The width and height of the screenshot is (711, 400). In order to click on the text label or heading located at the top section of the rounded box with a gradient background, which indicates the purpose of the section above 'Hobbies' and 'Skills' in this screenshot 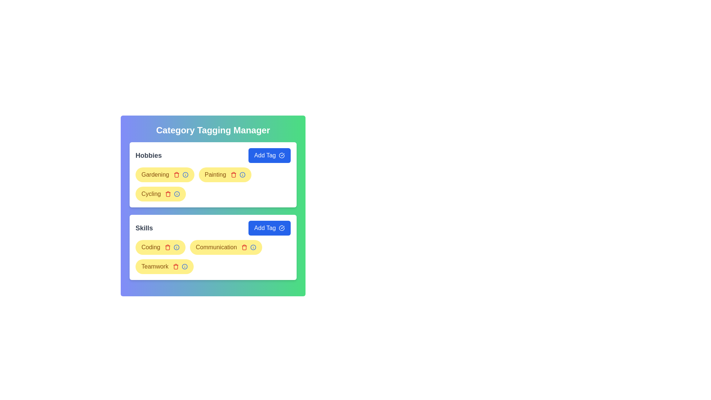, I will do `click(213, 130)`.